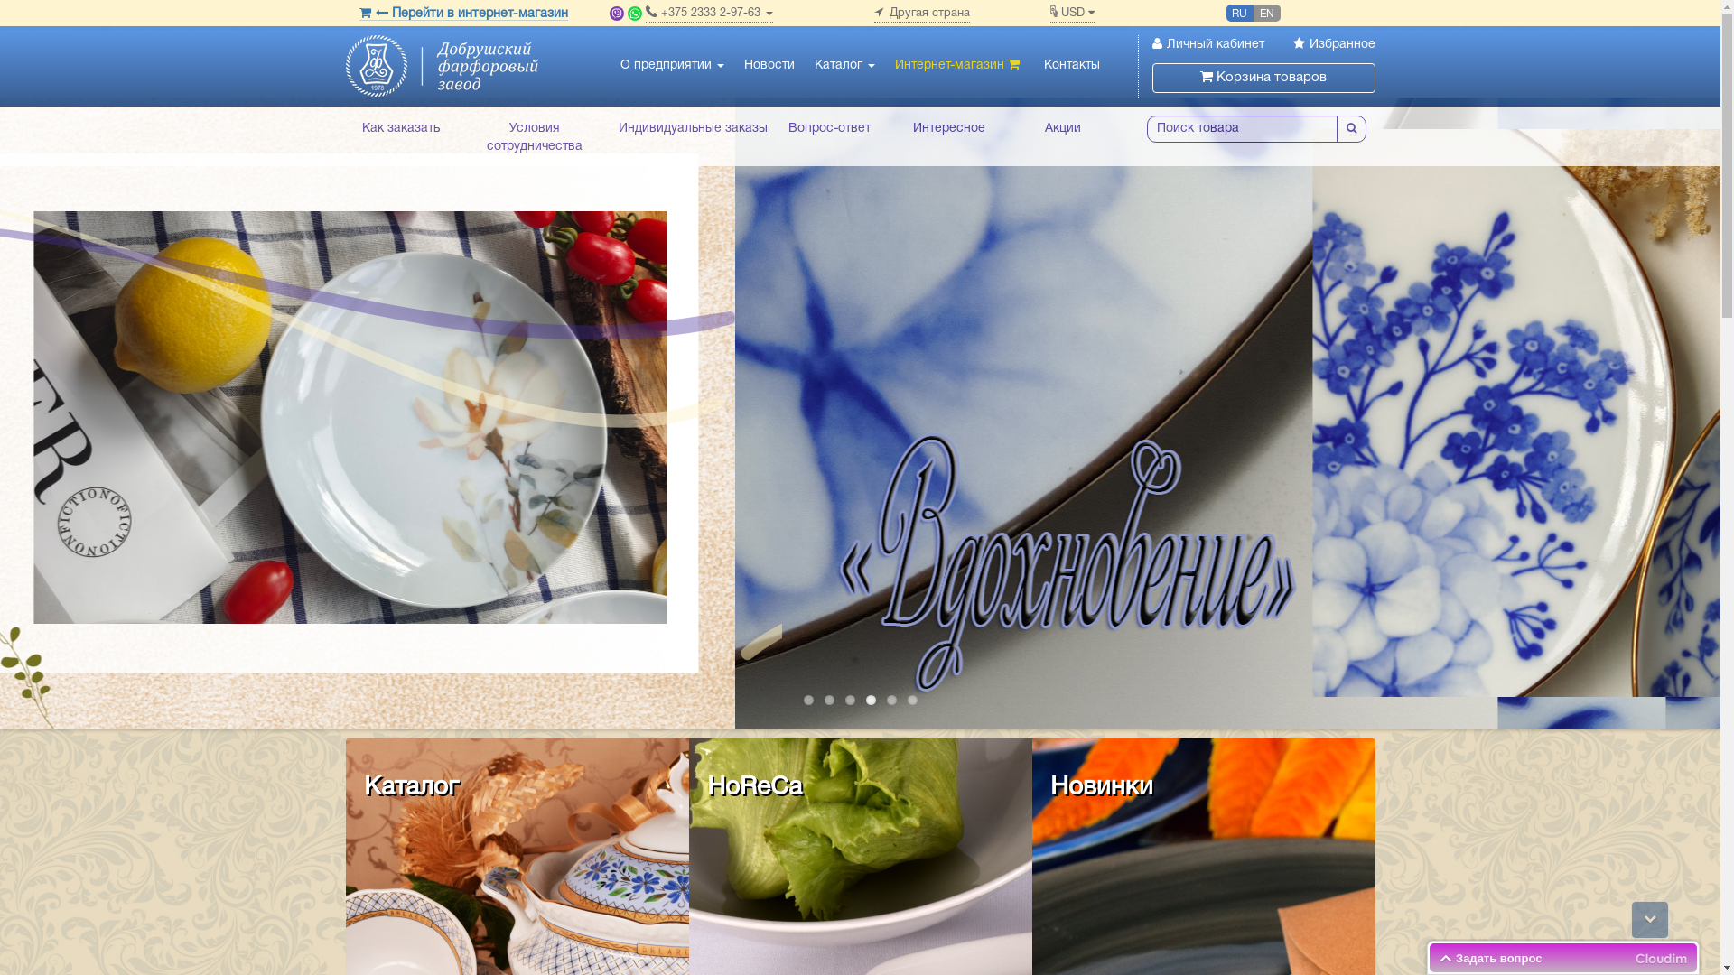 The image size is (1734, 975). I want to click on 'viber', so click(616, 14).